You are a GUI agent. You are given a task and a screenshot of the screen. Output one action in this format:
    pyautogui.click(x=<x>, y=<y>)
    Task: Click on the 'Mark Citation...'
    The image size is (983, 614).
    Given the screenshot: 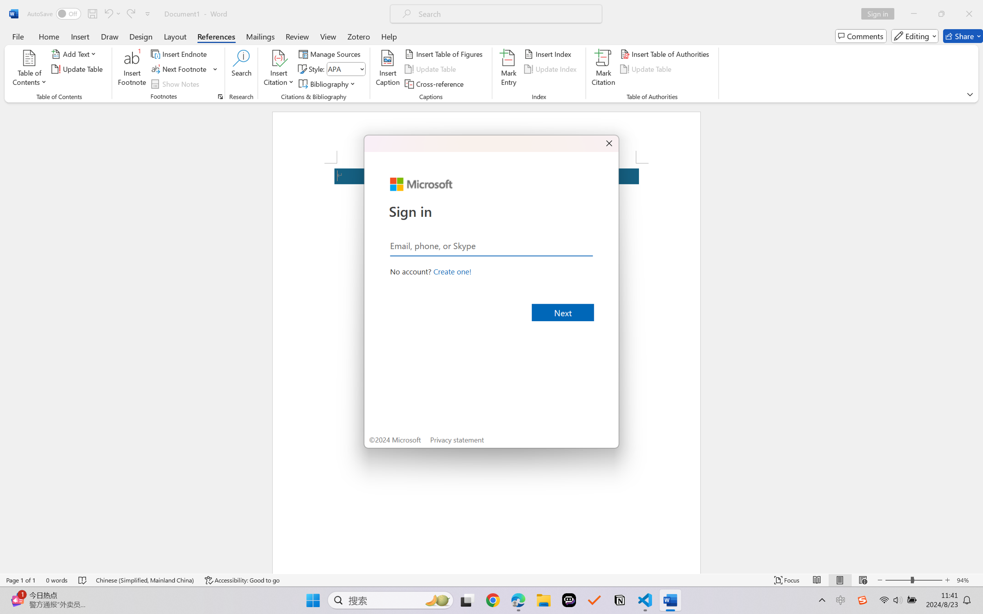 What is the action you would take?
    pyautogui.click(x=603, y=69)
    